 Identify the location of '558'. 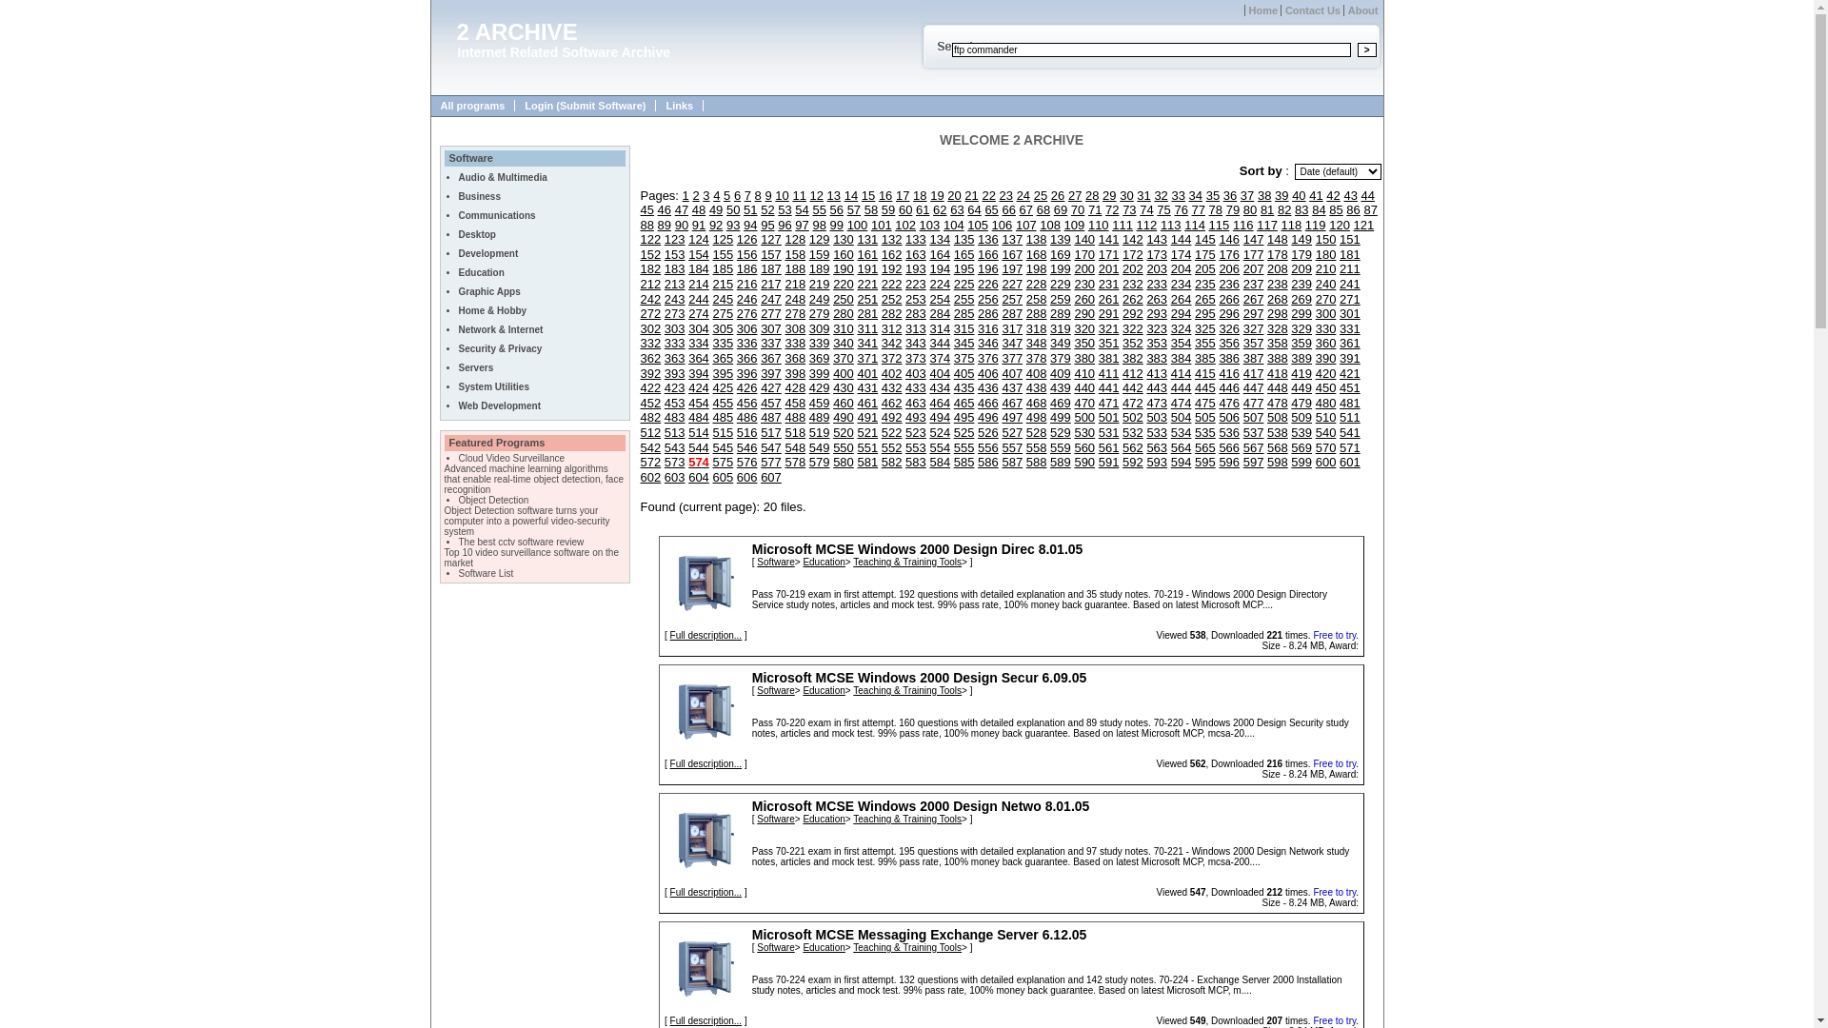
(1036, 447).